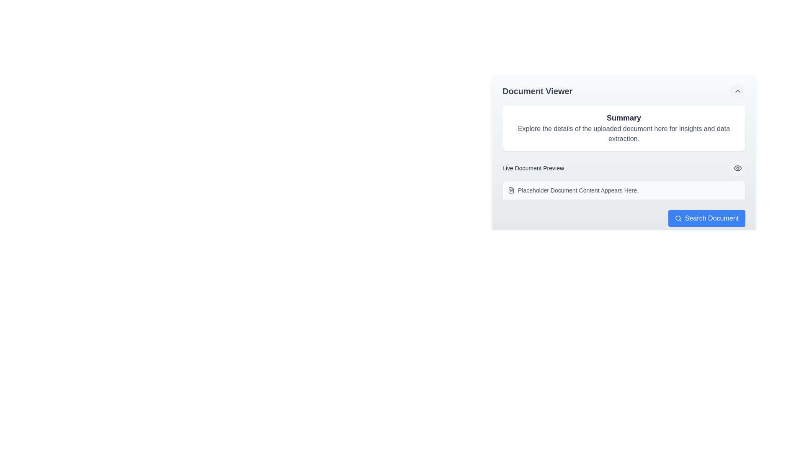 The width and height of the screenshot is (804, 452). I want to click on the visibility toggle button located to the far right of the 'Live Document Preview' text, so click(737, 168).